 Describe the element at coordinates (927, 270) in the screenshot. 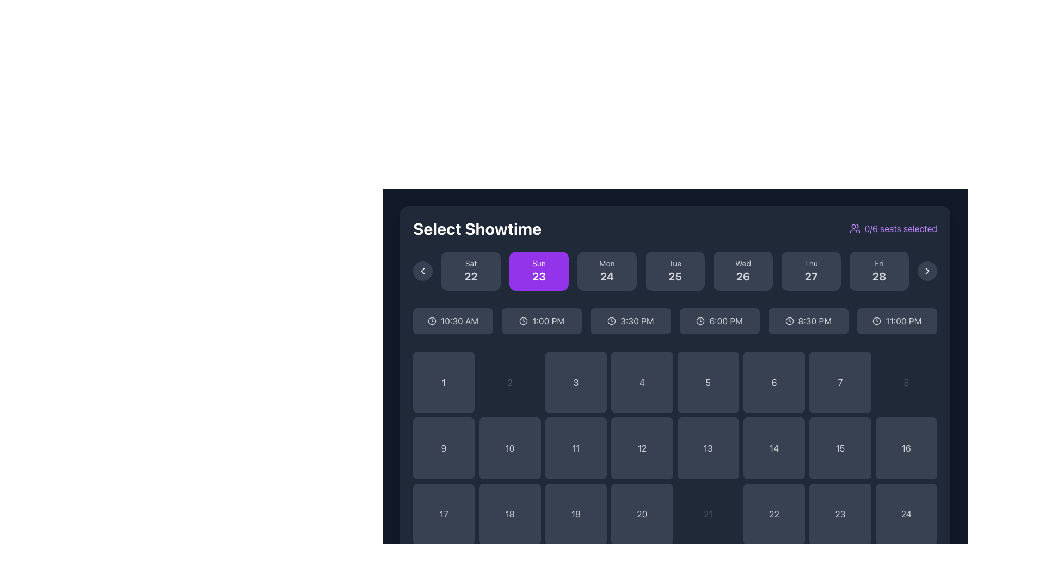

I see `the forward navigation button located in the top-right portion of the navigation bar` at that location.